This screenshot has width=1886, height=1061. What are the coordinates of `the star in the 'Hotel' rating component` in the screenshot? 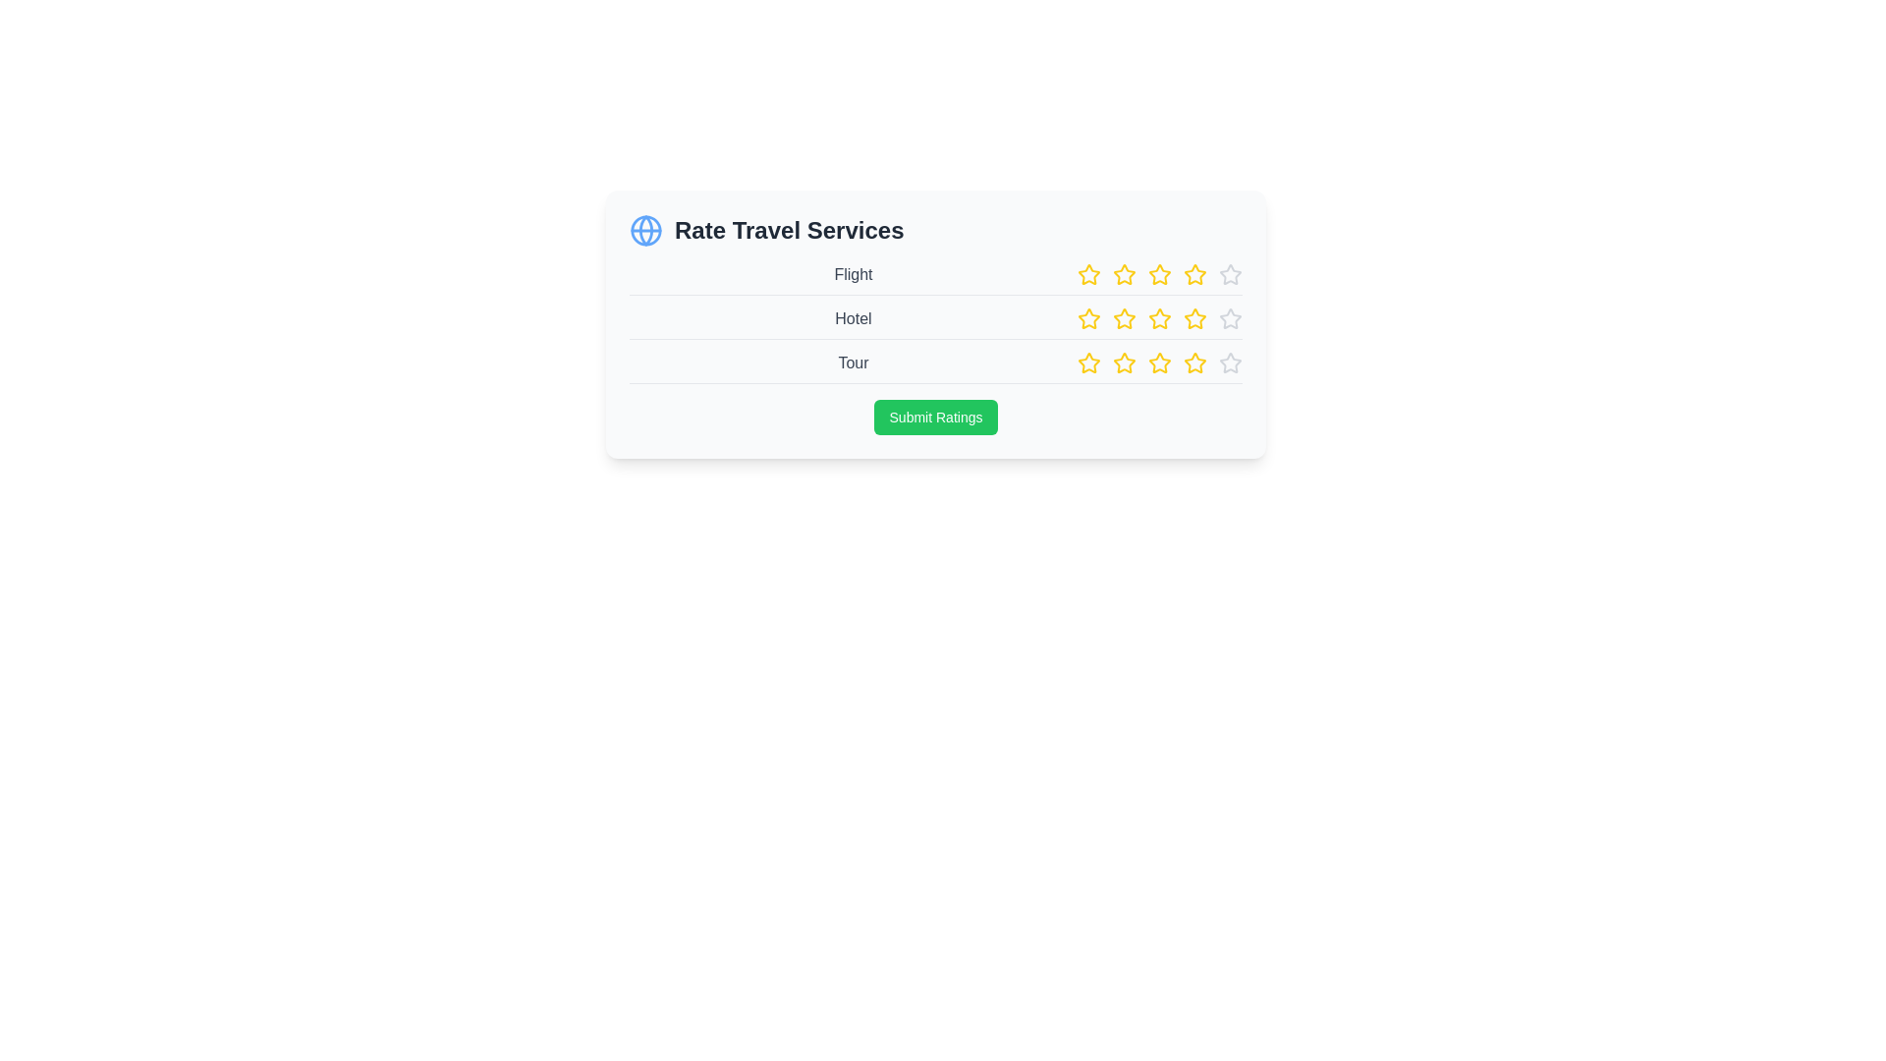 It's located at (935, 322).